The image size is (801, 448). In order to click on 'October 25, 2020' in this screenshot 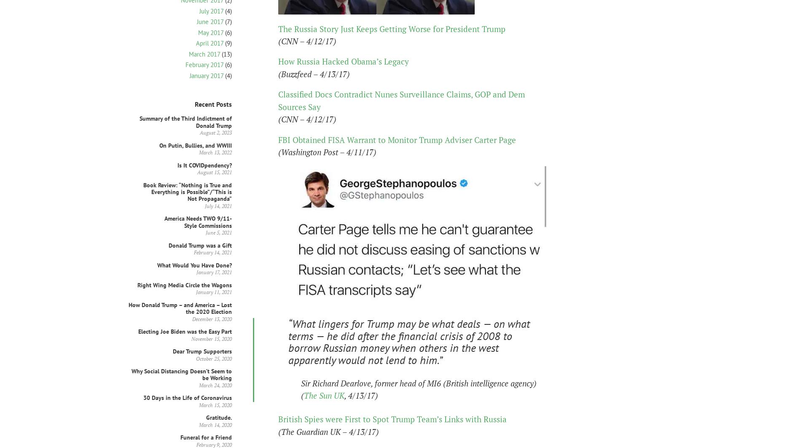, I will do `click(214, 358)`.